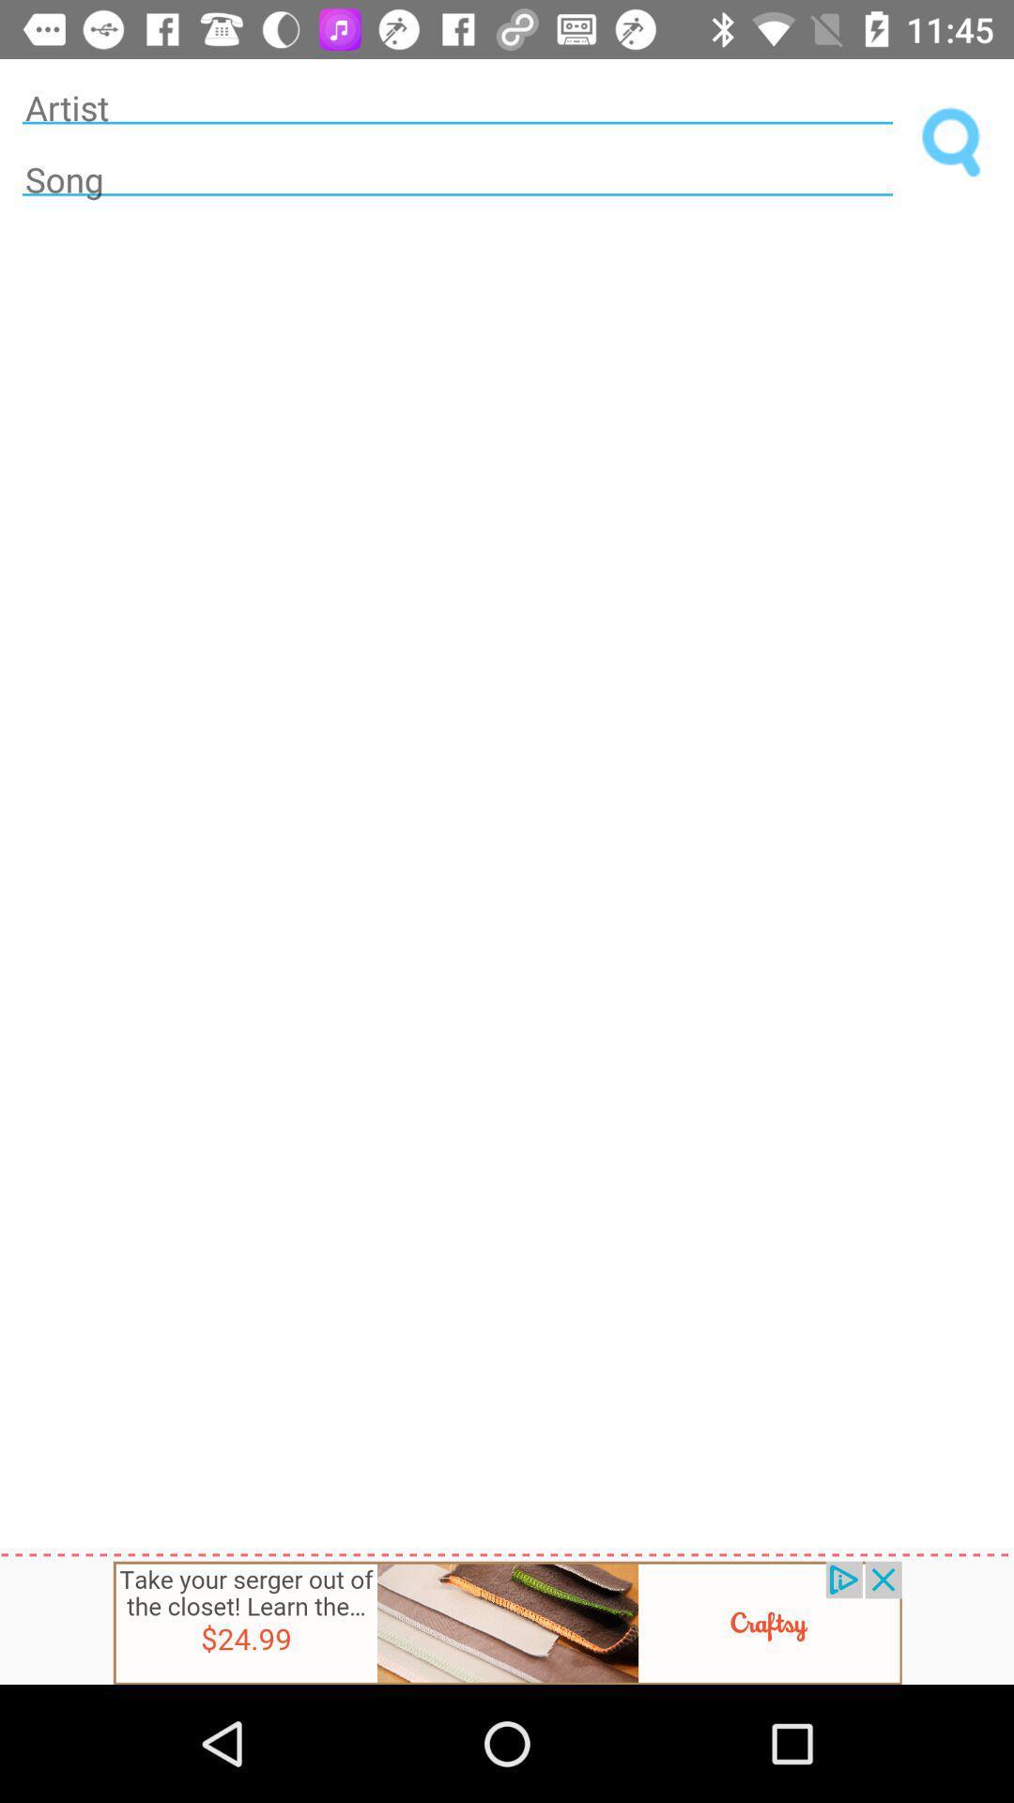 The height and width of the screenshot is (1803, 1014). What do you see at coordinates (457, 106) in the screenshot?
I see `type in artist name` at bounding box center [457, 106].